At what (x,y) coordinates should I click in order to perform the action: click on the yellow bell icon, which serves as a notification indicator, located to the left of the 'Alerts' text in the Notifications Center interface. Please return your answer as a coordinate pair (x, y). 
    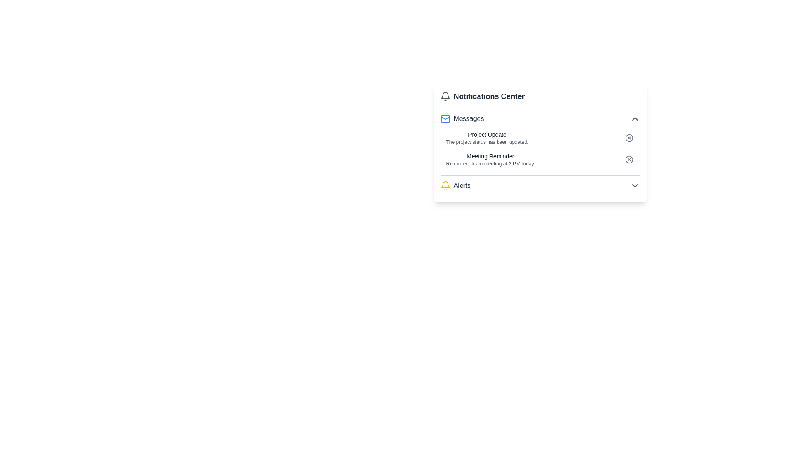
    Looking at the image, I should click on (445, 185).